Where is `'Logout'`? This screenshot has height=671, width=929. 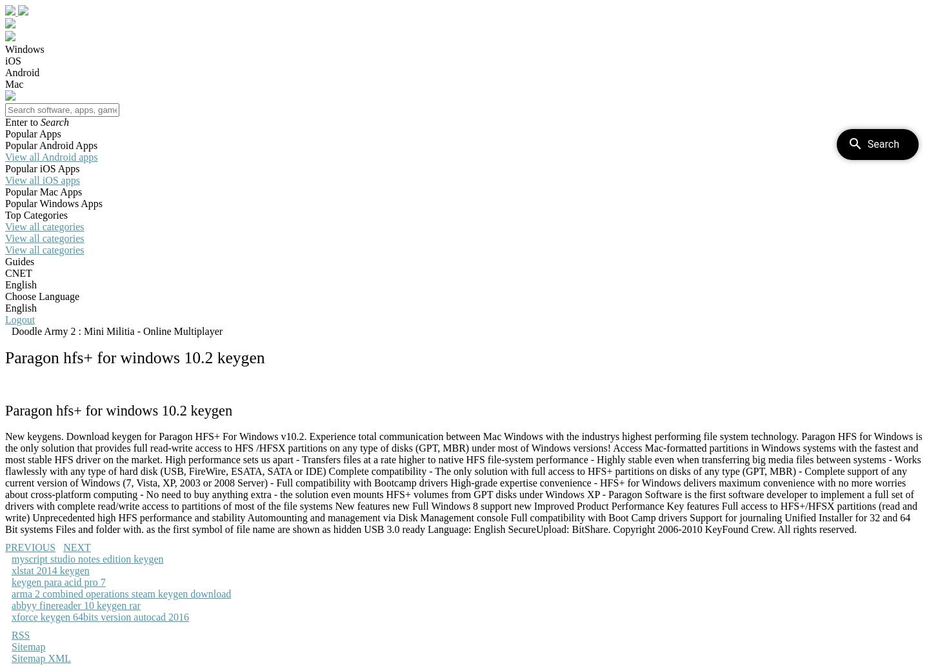 'Logout' is located at coordinates (19, 319).